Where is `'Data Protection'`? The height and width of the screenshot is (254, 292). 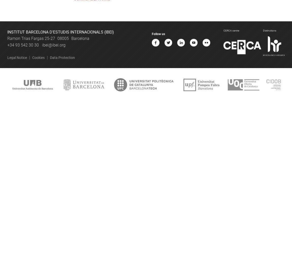
'Data Protection' is located at coordinates (62, 57).